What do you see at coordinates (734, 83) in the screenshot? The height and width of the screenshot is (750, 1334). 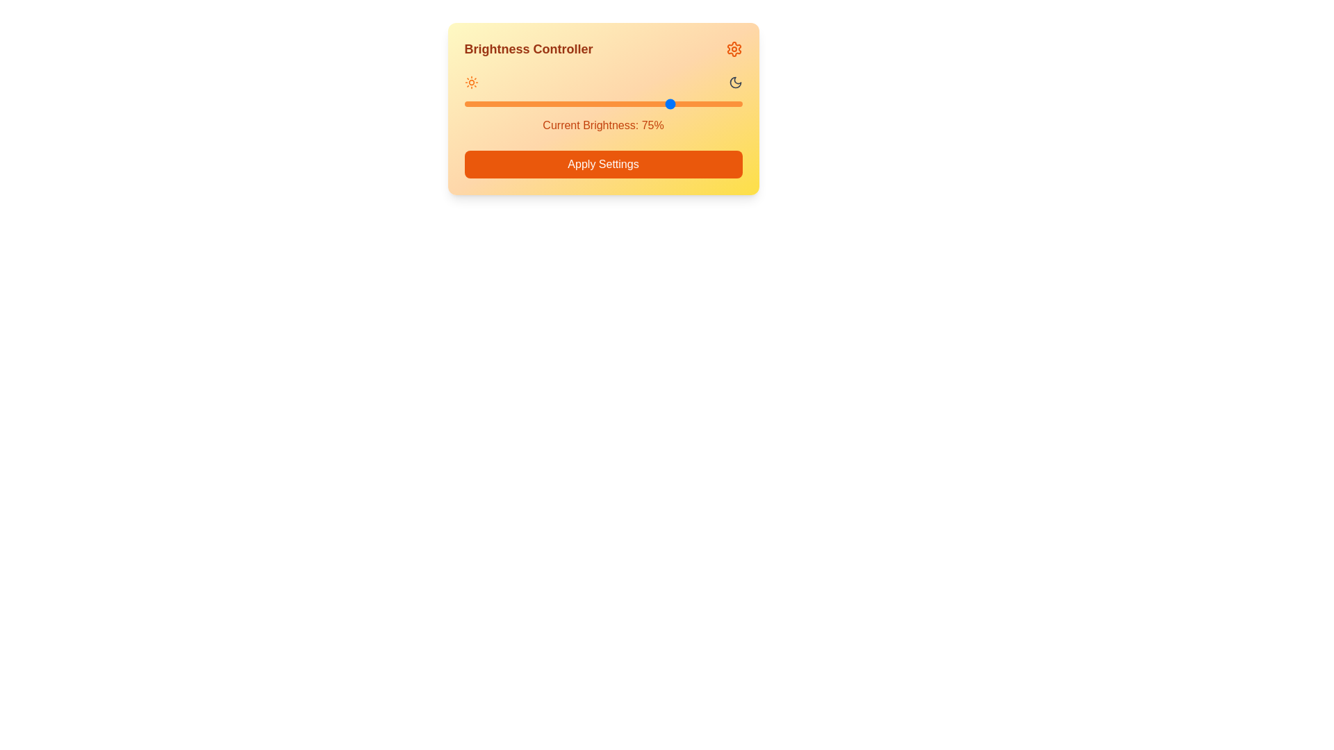 I see `the Moon icon to represent brightness extremes` at bounding box center [734, 83].